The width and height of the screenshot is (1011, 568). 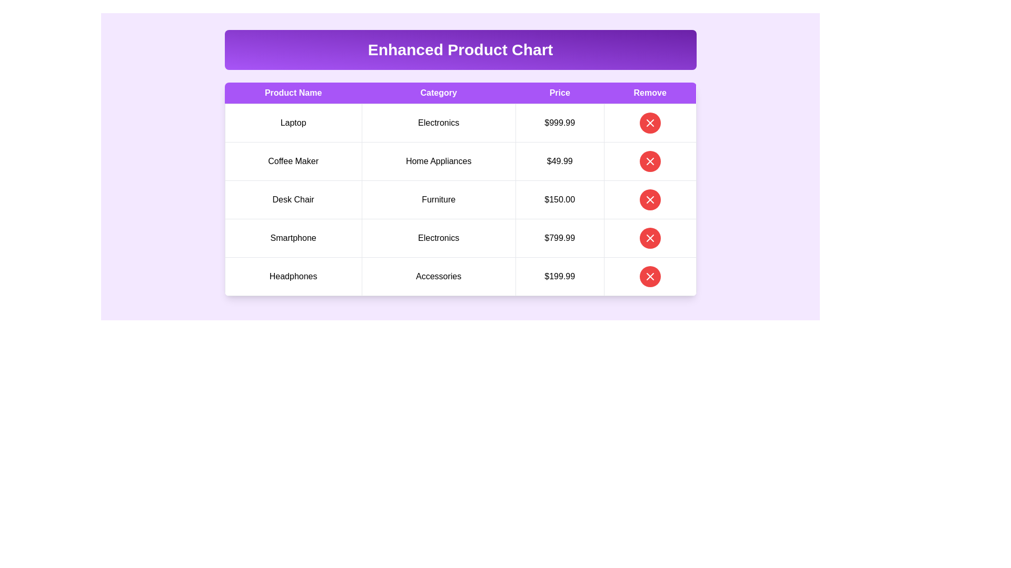 I want to click on the 'Accessories' label, which is the second item in the 'Category' column of the table, styled with padding and a border, so click(x=439, y=276).